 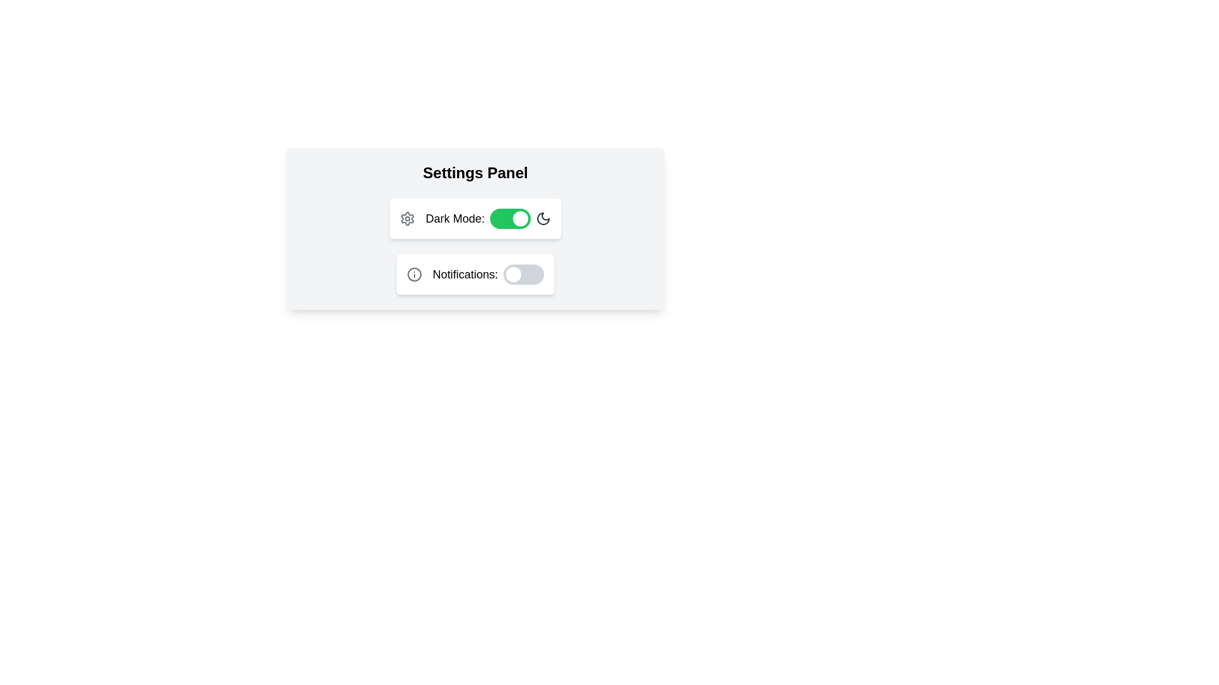 What do you see at coordinates (474, 273) in the screenshot?
I see `the information icon in the notifications settings control` at bounding box center [474, 273].